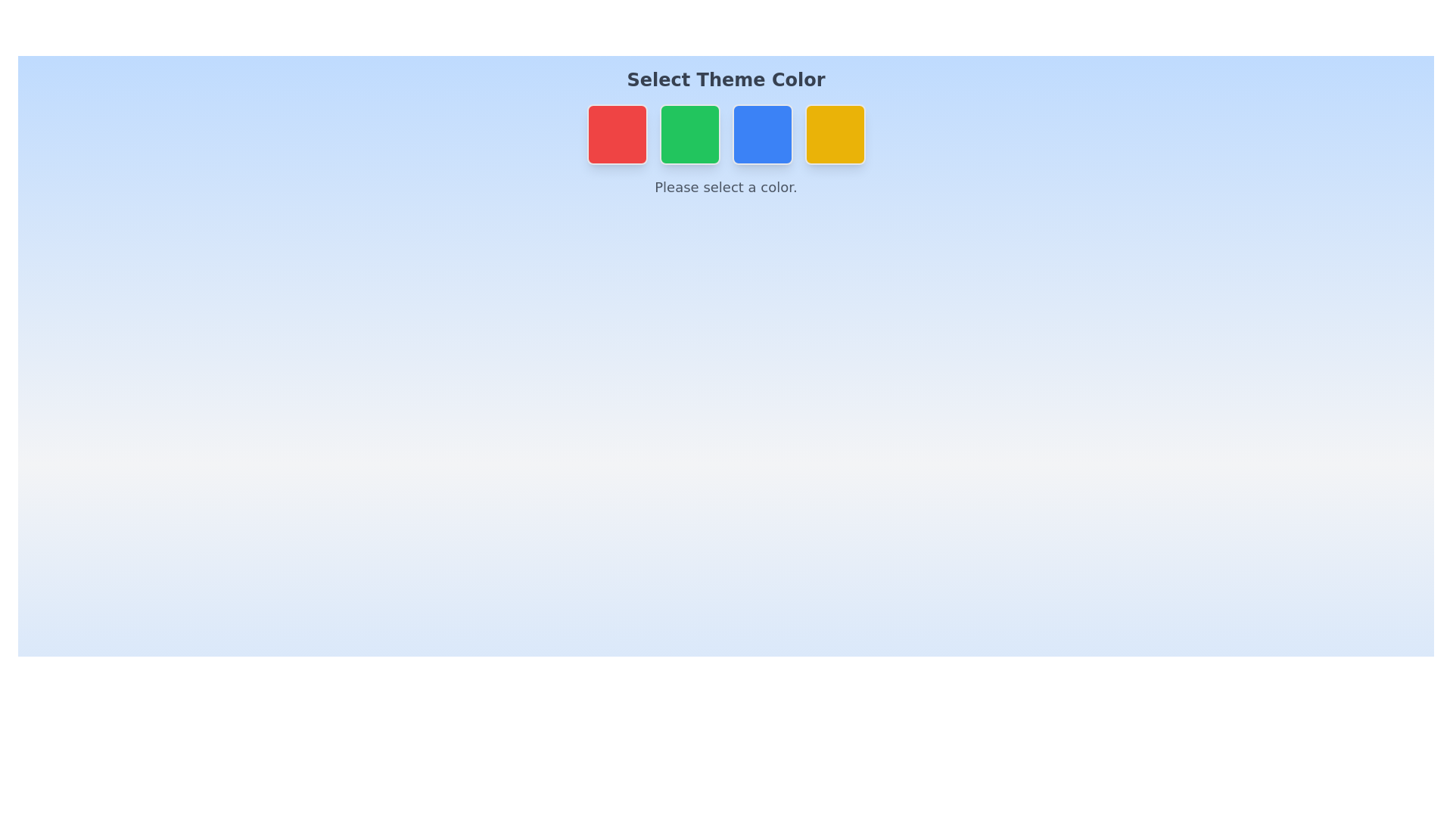  What do you see at coordinates (834, 133) in the screenshot?
I see `the color button corresponding to Yellow` at bounding box center [834, 133].